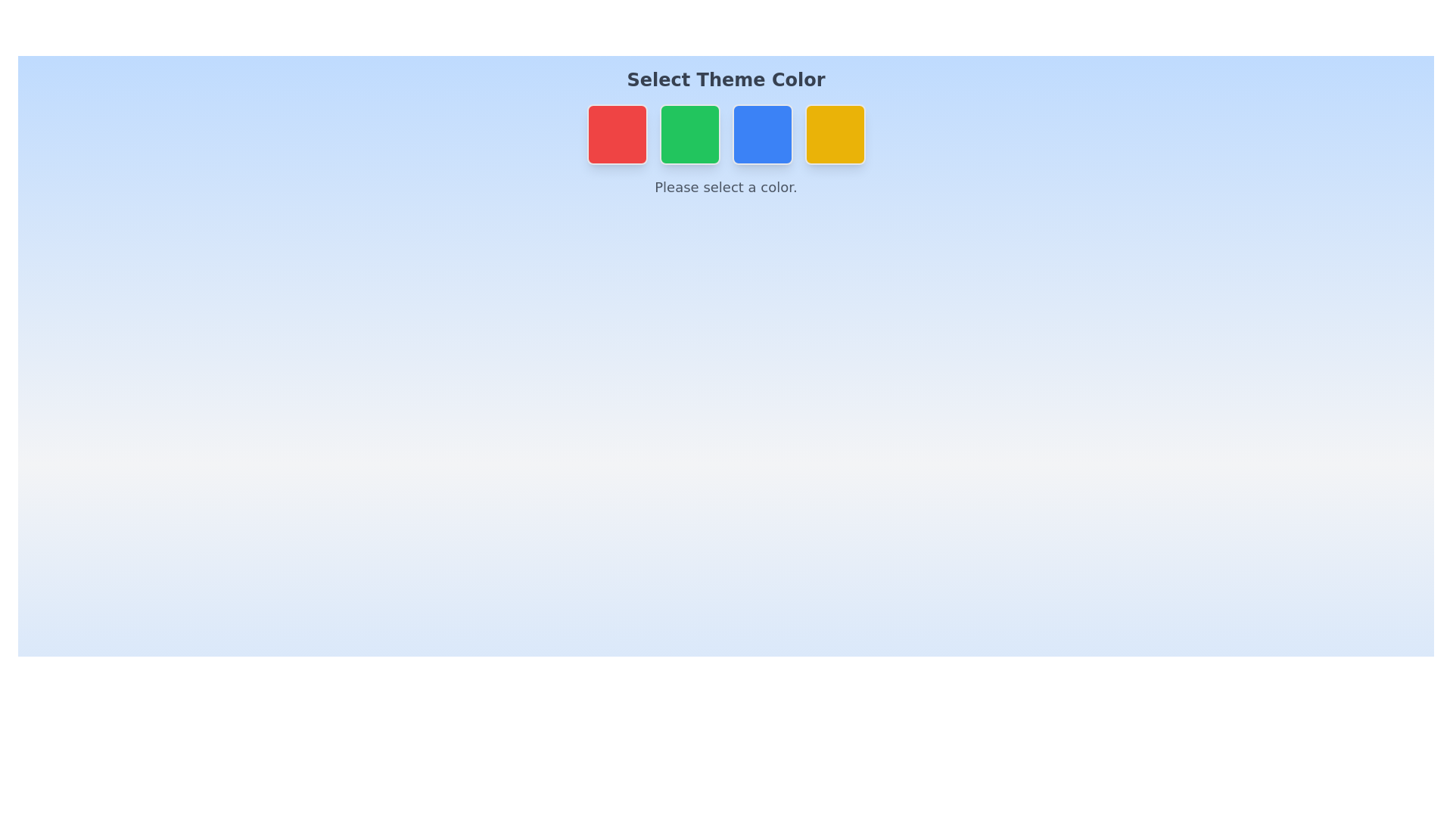  What do you see at coordinates (834, 133) in the screenshot?
I see `the color button corresponding to Yellow` at bounding box center [834, 133].